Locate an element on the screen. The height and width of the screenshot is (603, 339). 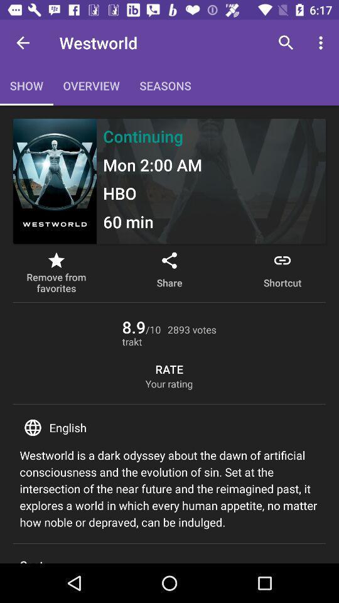
frame below the menu bar is located at coordinates (169, 180).